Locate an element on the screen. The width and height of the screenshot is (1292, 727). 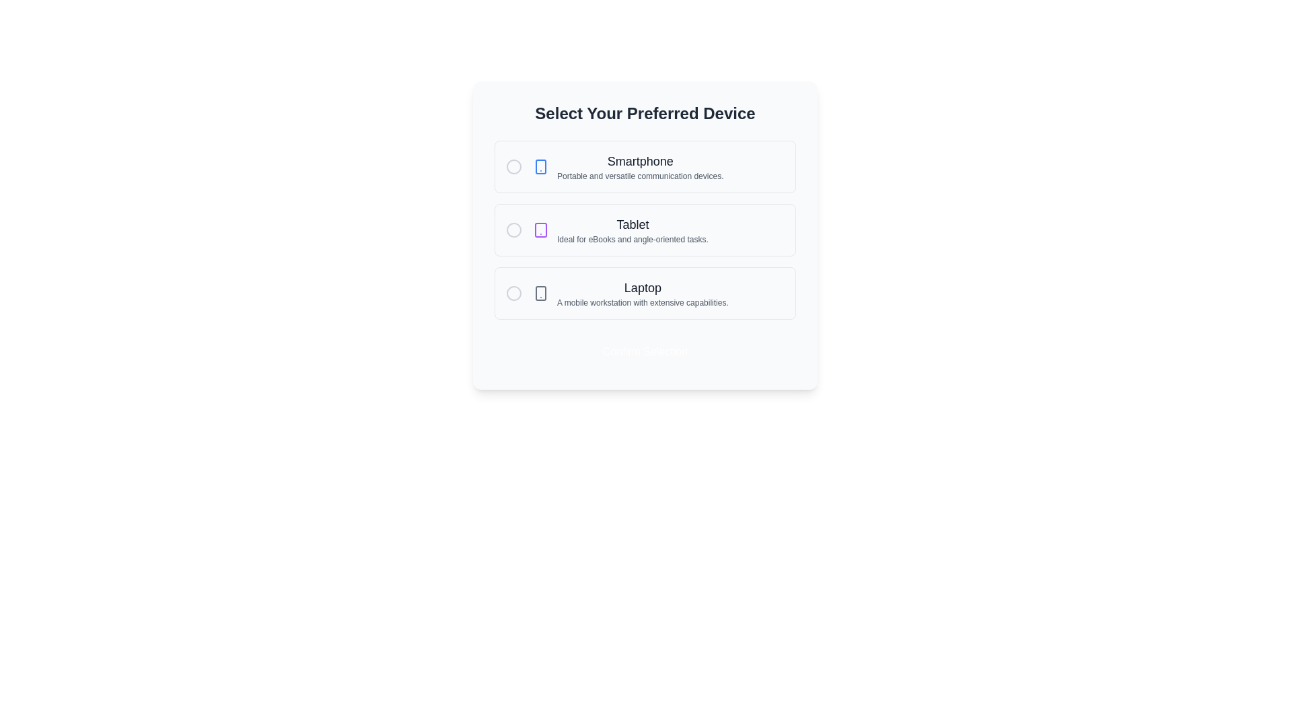
the confirmation button located at the bottom of the selection interface to confirm the user's choice among the device options: 'Smartphone', 'Tablet', and 'Laptop' is located at coordinates (645, 351).